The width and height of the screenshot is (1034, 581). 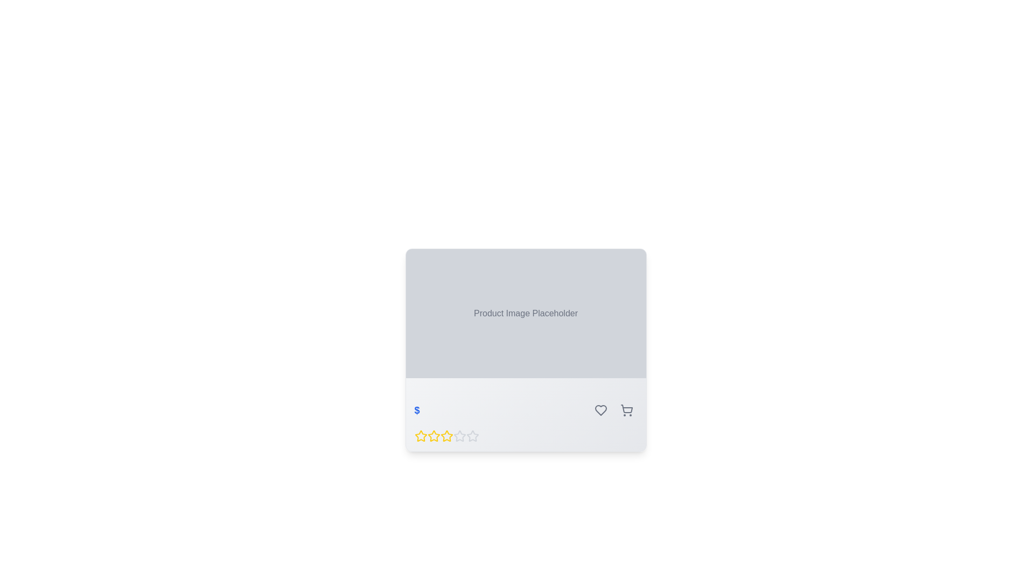 I want to click on the heart-shaped icon with a thin, rounded gray outline located in the bottom-right corner of the card interface, so click(x=600, y=410).